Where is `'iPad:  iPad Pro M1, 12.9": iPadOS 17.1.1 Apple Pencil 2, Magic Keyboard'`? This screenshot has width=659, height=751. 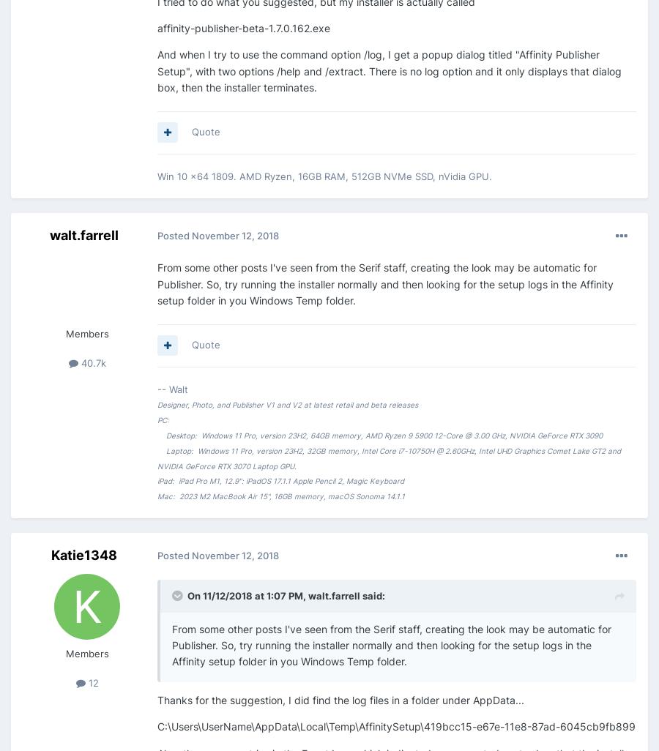 'iPad:  iPad Pro M1, 12.9": iPadOS 17.1.1 Apple Pencil 2, Magic Keyboard' is located at coordinates (157, 481).